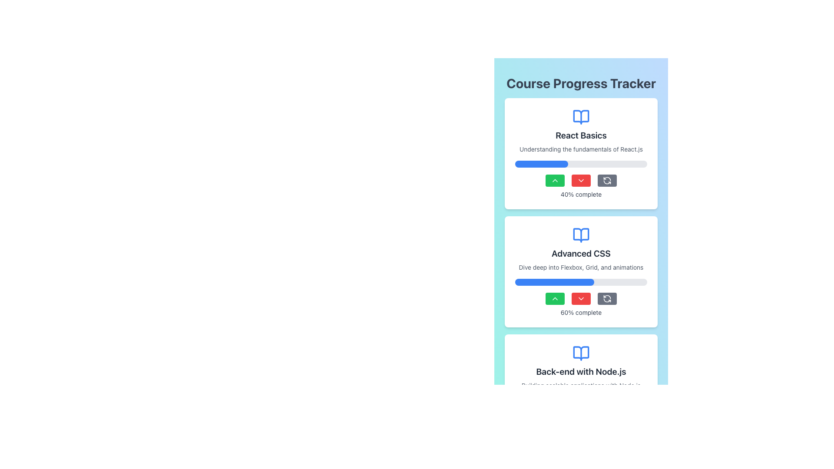 The image size is (834, 469). Describe the element at coordinates (581, 180) in the screenshot. I see `the small red downward chevron button located in the upper-right corner of the 'React Basics' card` at that location.